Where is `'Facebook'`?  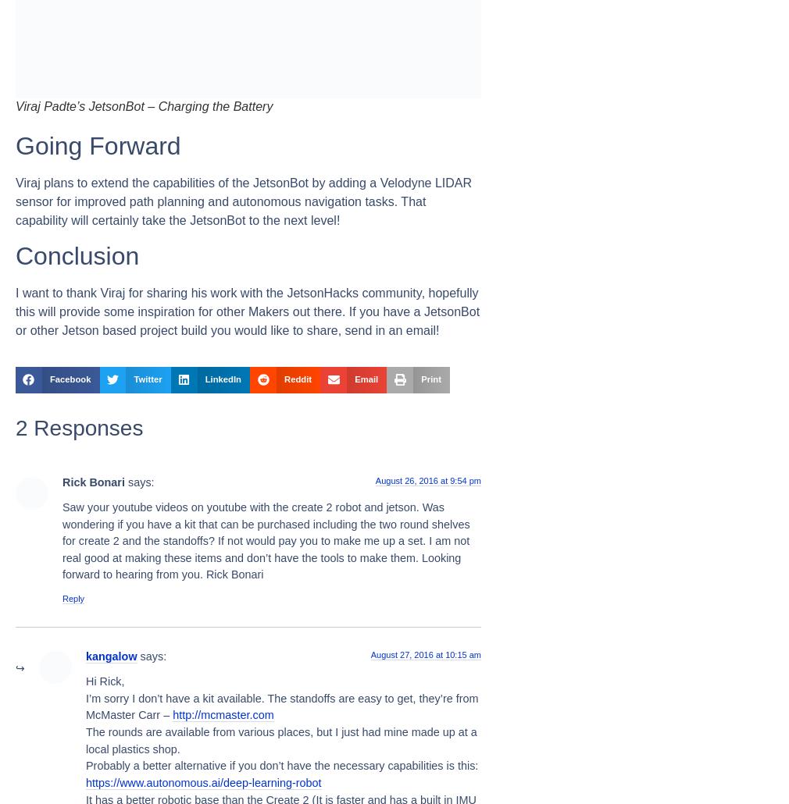
'Facebook' is located at coordinates (69, 378).